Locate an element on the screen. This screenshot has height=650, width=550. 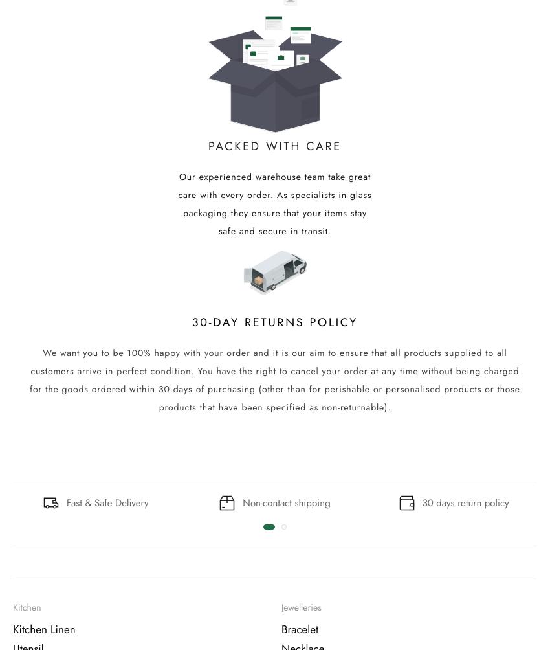
'Our experienced warehouse team take great care with every order. As specialists in glass packaging they ensure that your items stay safe and secure in transit.' is located at coordinates (177, 204).